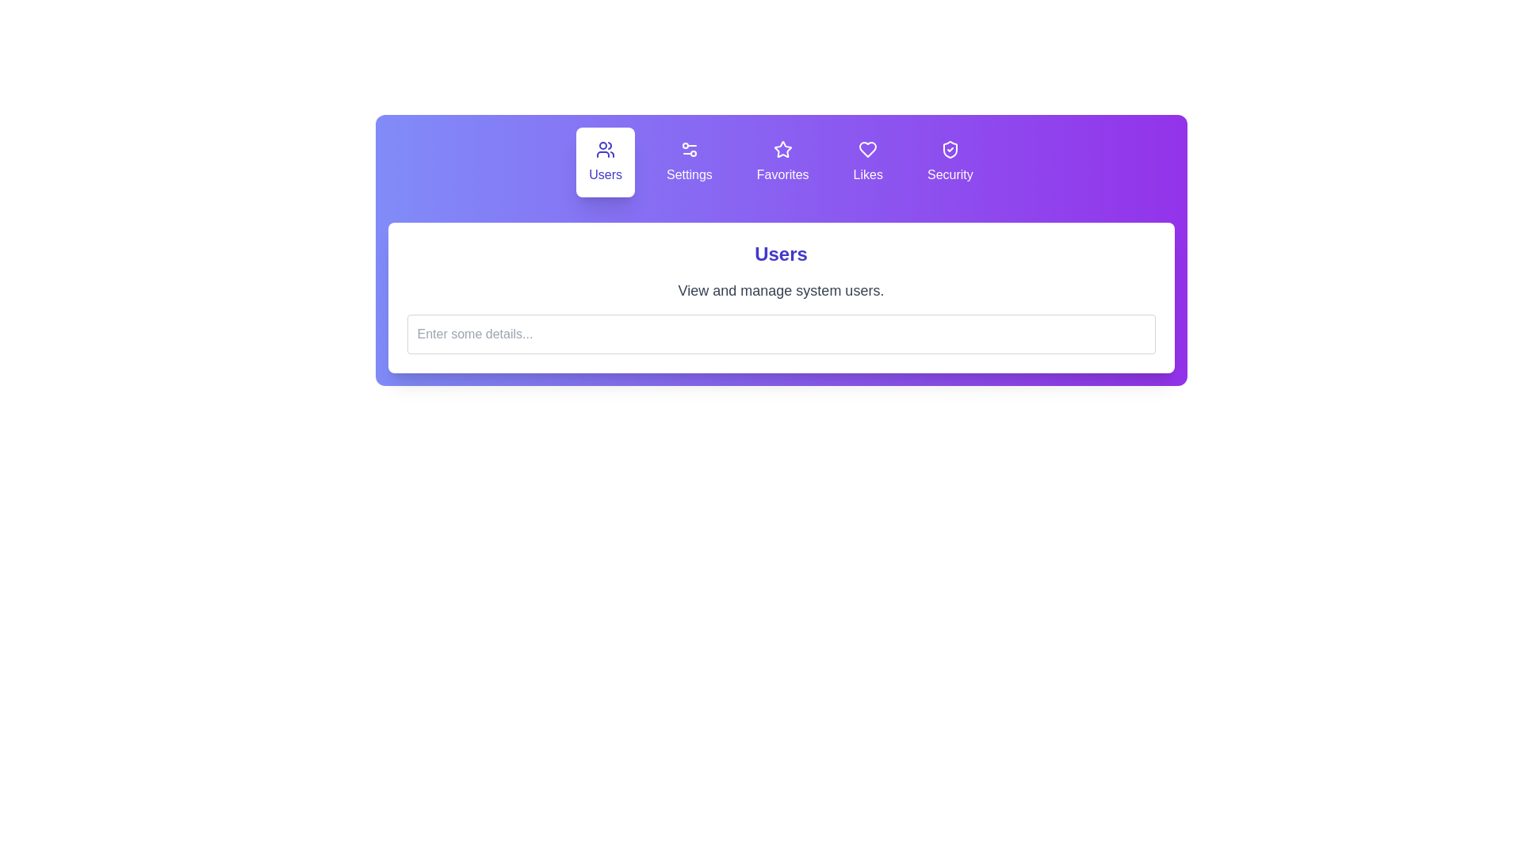  What do you see at coordinates (781, 333) in the screenshot?
I see `the input field and type the text 'Sample Input'` at bounding box center [781, 333].